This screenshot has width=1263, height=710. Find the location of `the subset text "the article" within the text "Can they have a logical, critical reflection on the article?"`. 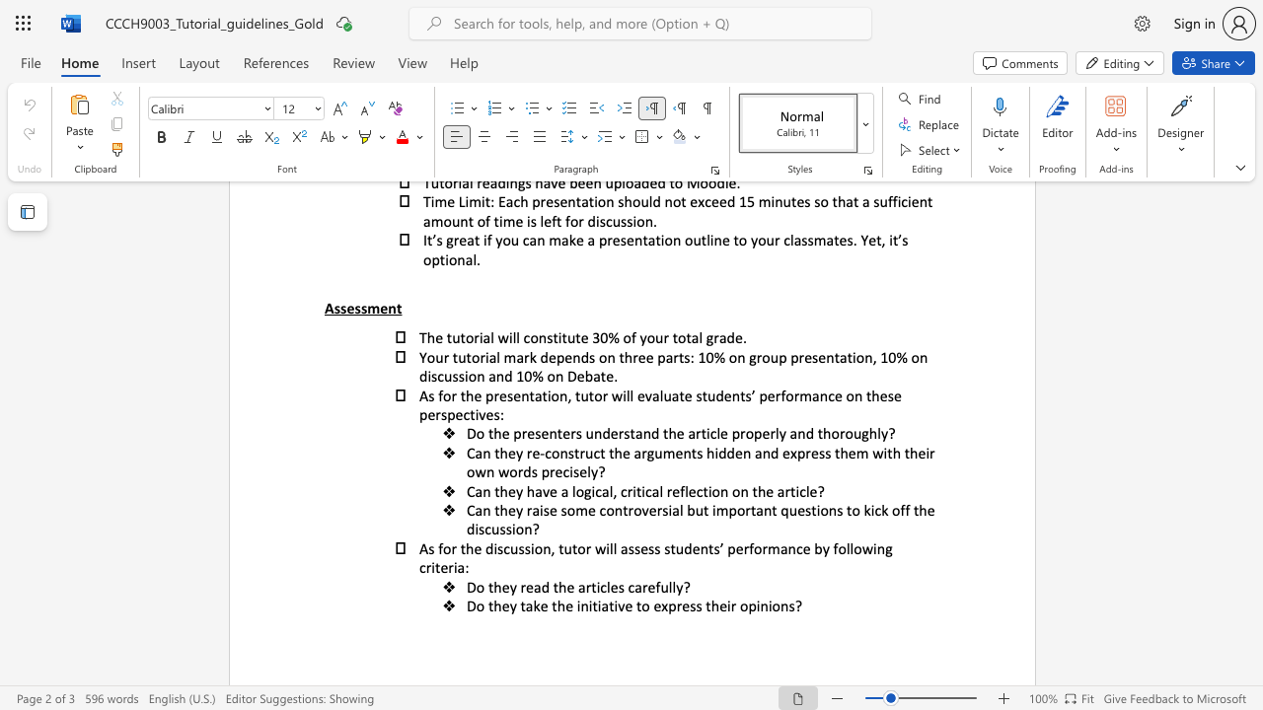

the subset text "the article" within the text "Can they have a logical, critical reflection on the article?" is located at coordinates (751, 490).